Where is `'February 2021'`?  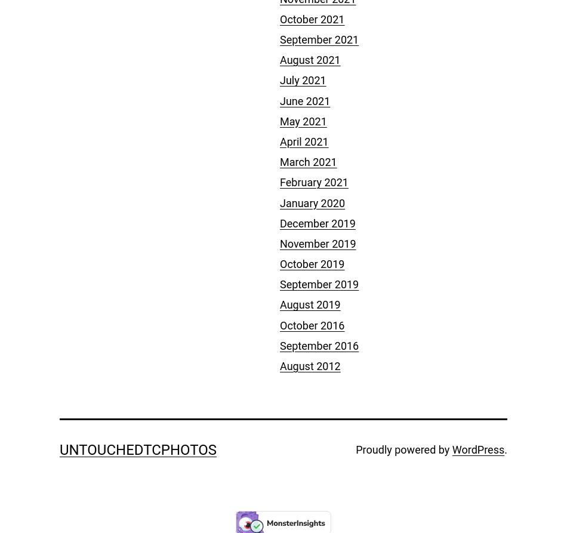
'February 2021' is located at coordinates (279, 182).